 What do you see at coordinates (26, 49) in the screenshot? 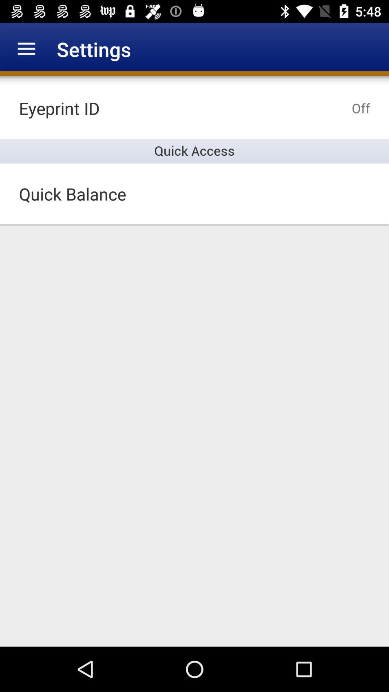
I see `item to the left of the settings icon` at bounding box center [26, 49].